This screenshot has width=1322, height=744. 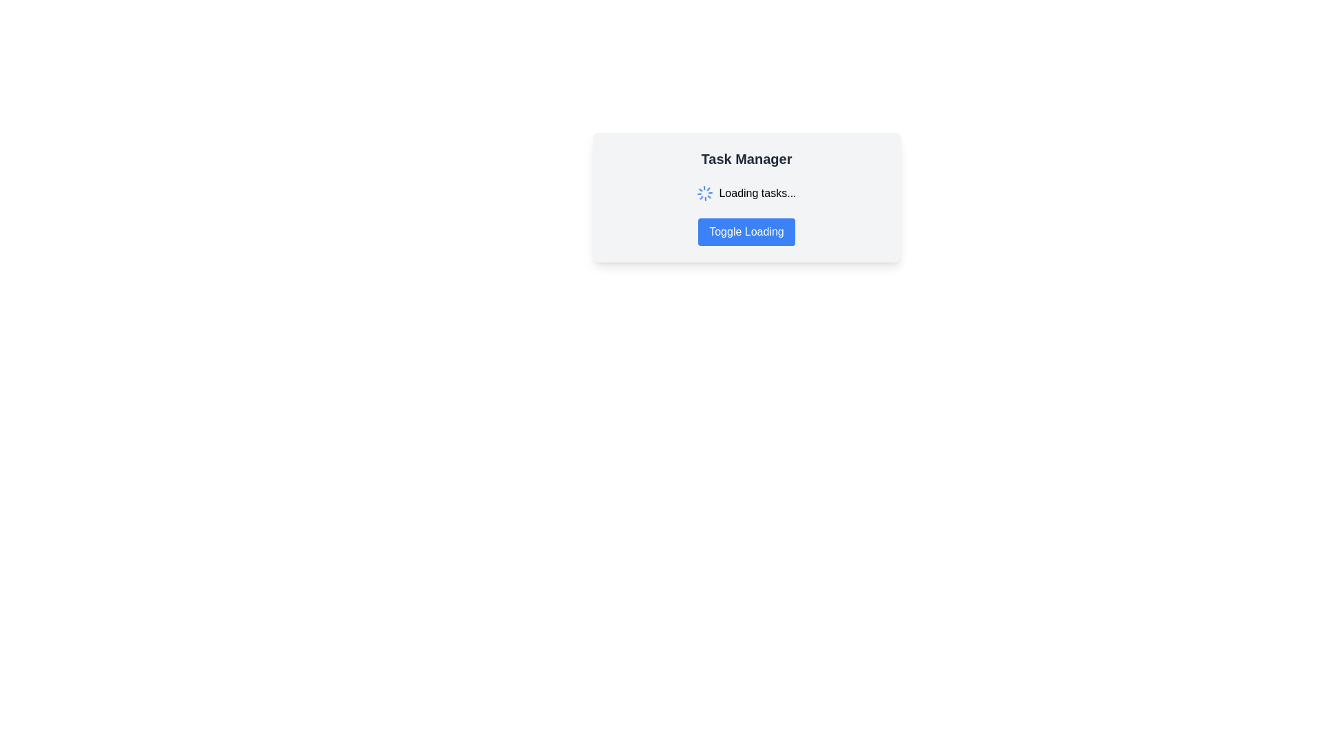 I want to click on the button located beneath the text 'Loading tasks...', so click(x=746, y=231).